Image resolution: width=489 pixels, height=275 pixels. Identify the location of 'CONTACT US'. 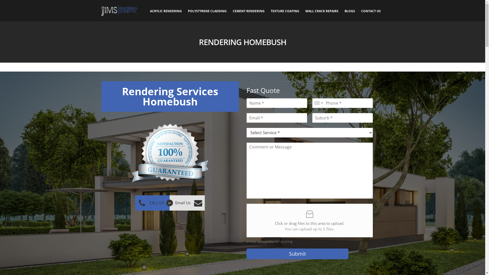
(371, 11).